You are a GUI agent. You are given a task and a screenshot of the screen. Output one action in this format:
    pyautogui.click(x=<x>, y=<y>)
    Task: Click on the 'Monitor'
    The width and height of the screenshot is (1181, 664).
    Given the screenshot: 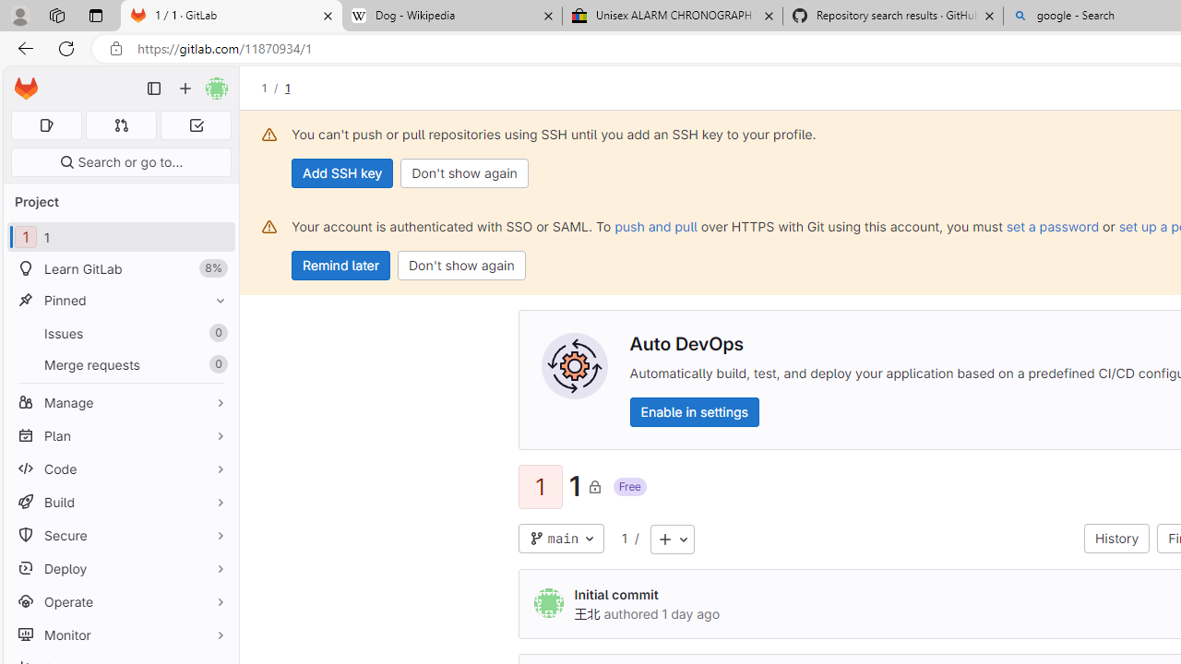 What is the action you would take?
    pyautogui.click(x=120, y=634)
    